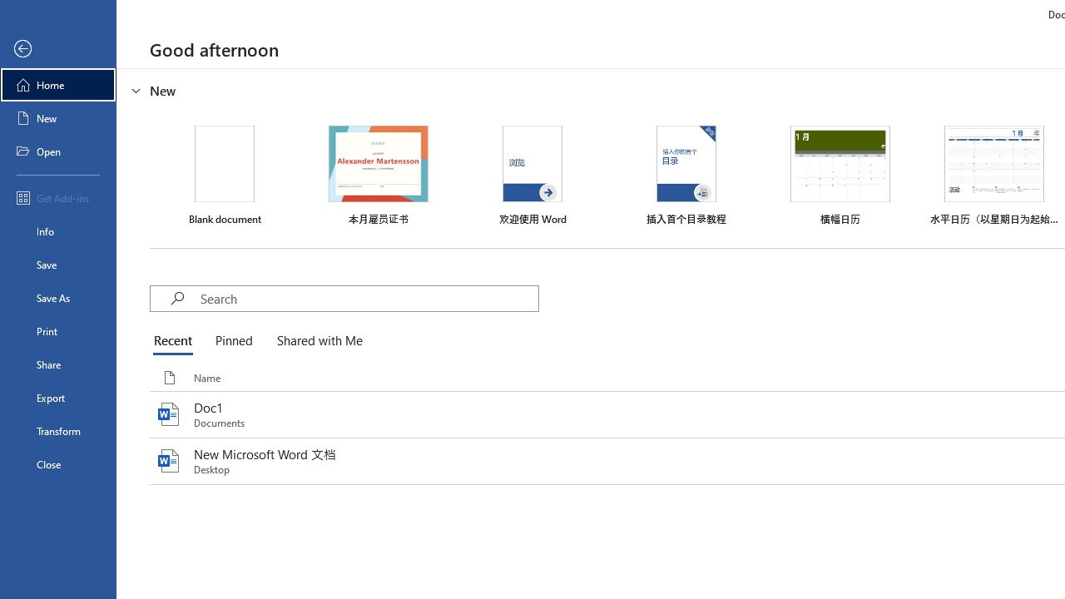 The width and height of the screenshot is (1065, 599). I want to click on 'Recent', so click(176, 341).